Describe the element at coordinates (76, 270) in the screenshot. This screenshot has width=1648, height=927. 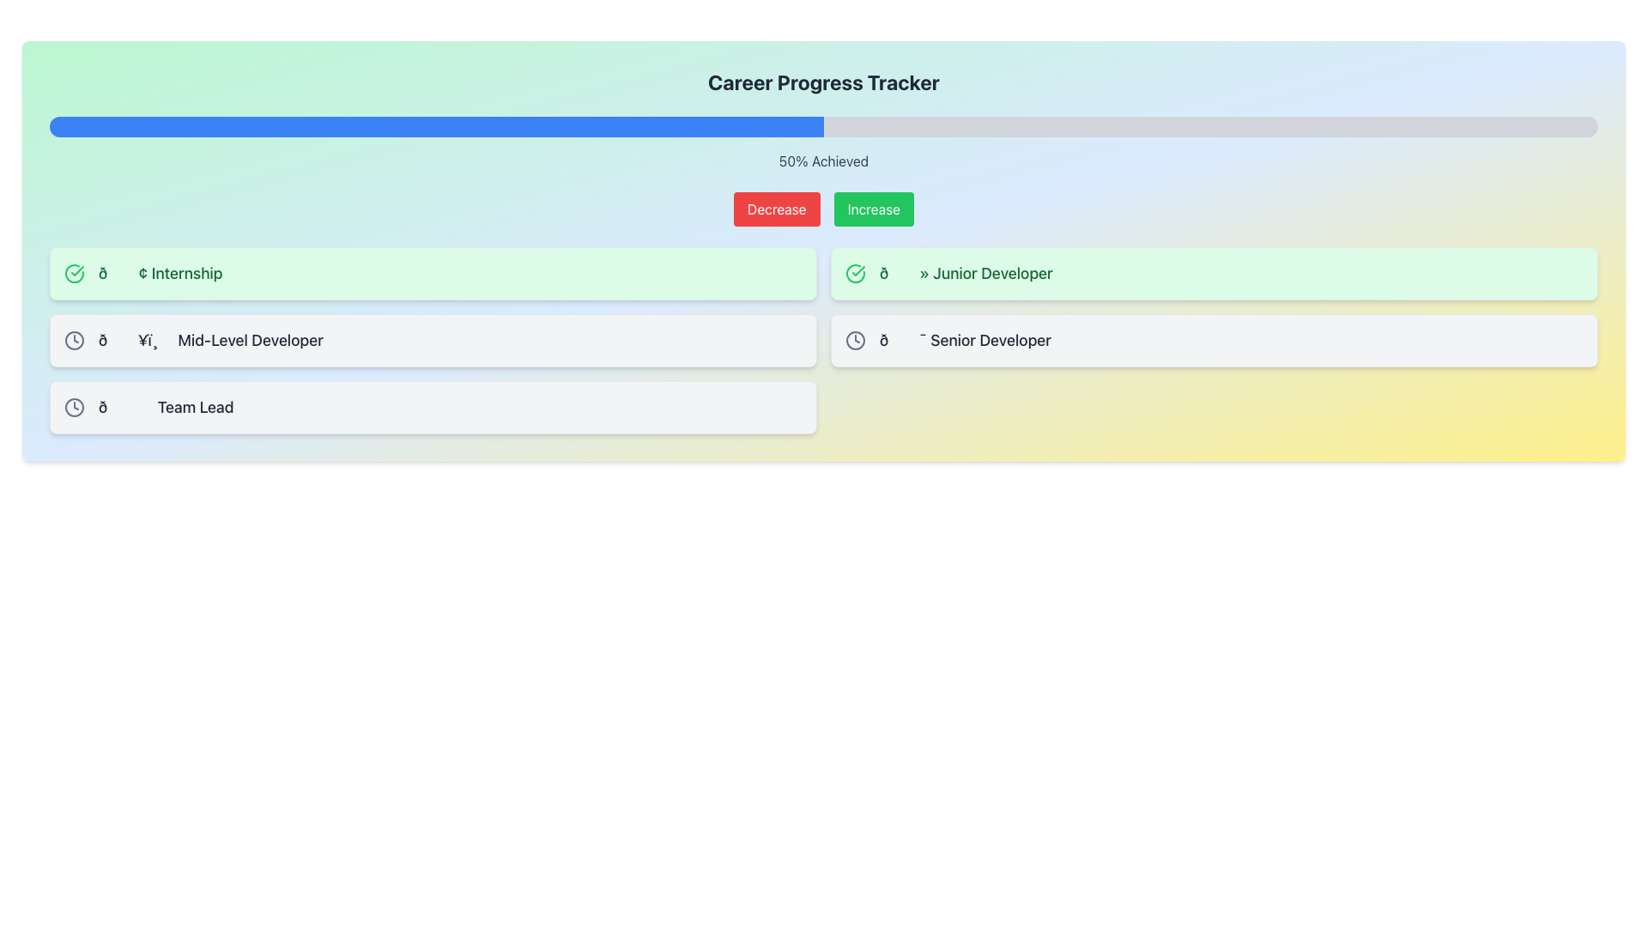
I see `the green checkmark icon within the circular icon next to the '¢ Internship' label to indicate confirmation or completion` at that location.